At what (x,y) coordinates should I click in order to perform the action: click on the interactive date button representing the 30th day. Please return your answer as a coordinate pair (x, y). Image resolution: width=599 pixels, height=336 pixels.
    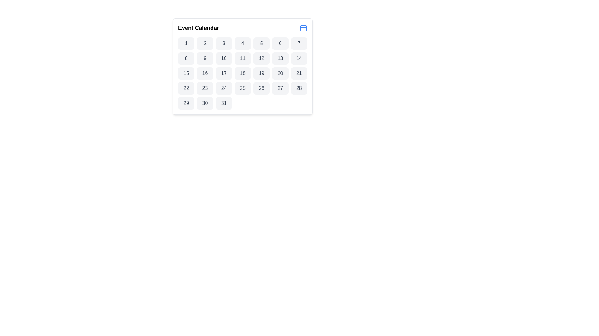
    Looking at the image, I should click on (205, 103).